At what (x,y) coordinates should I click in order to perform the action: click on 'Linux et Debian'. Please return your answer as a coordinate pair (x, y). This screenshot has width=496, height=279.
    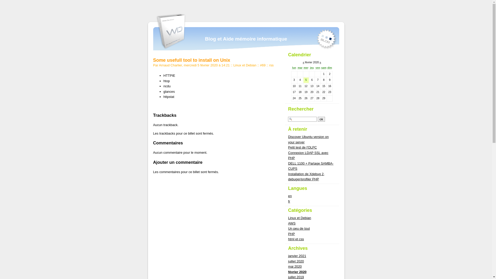
    Looking at the image, I should click on (244, 65).